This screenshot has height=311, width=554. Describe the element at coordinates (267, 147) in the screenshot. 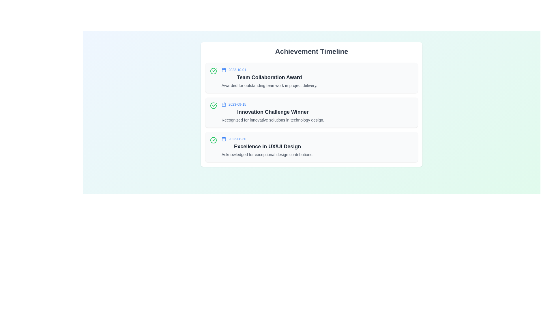

I see `and comprehend the achievement detail element displaying 'Excellence in UX/UI Design' and its description in the bottom-most card of the Achievement Timeline section` at that location.